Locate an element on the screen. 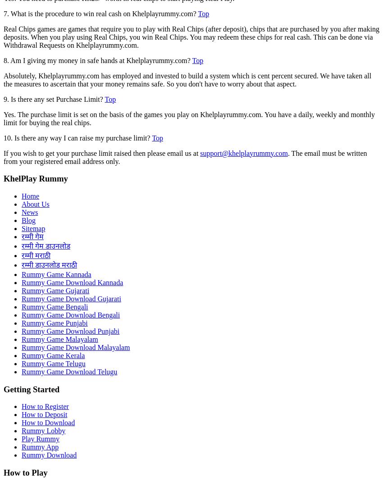 This screenshot has width=383, height=481. 'Rummy Game Download Gujarati' is located at coordinates (71, 298).